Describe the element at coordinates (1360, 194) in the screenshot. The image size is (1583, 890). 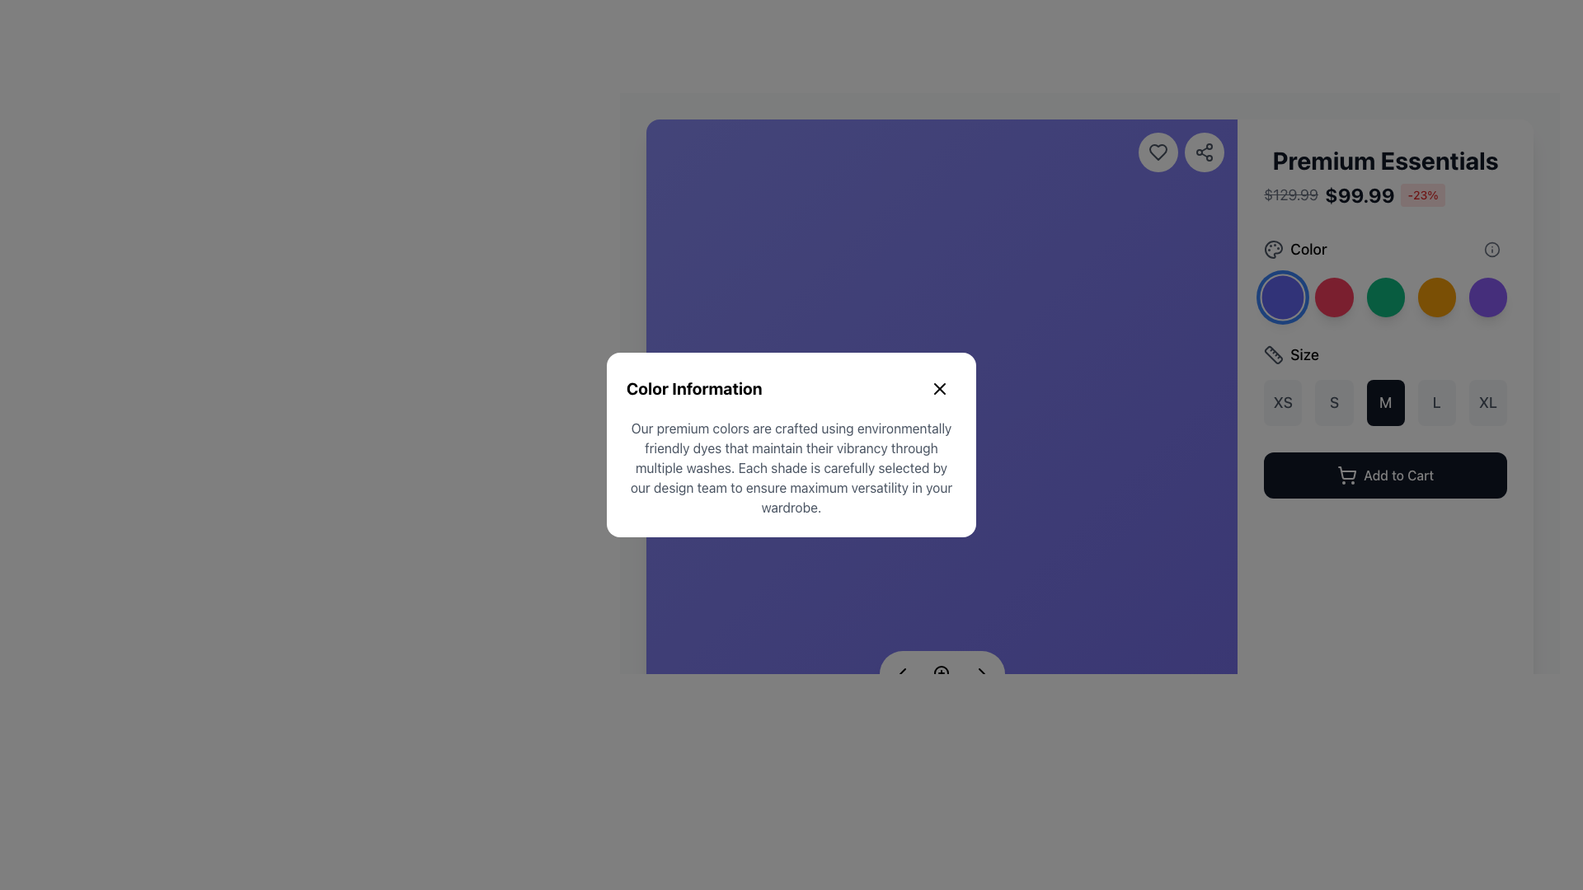
I see `the bold text label displaying the price information '$99.99', which is located between the price label '$129.99' and the discount percentage label '-23%' in the product information area` at that location.